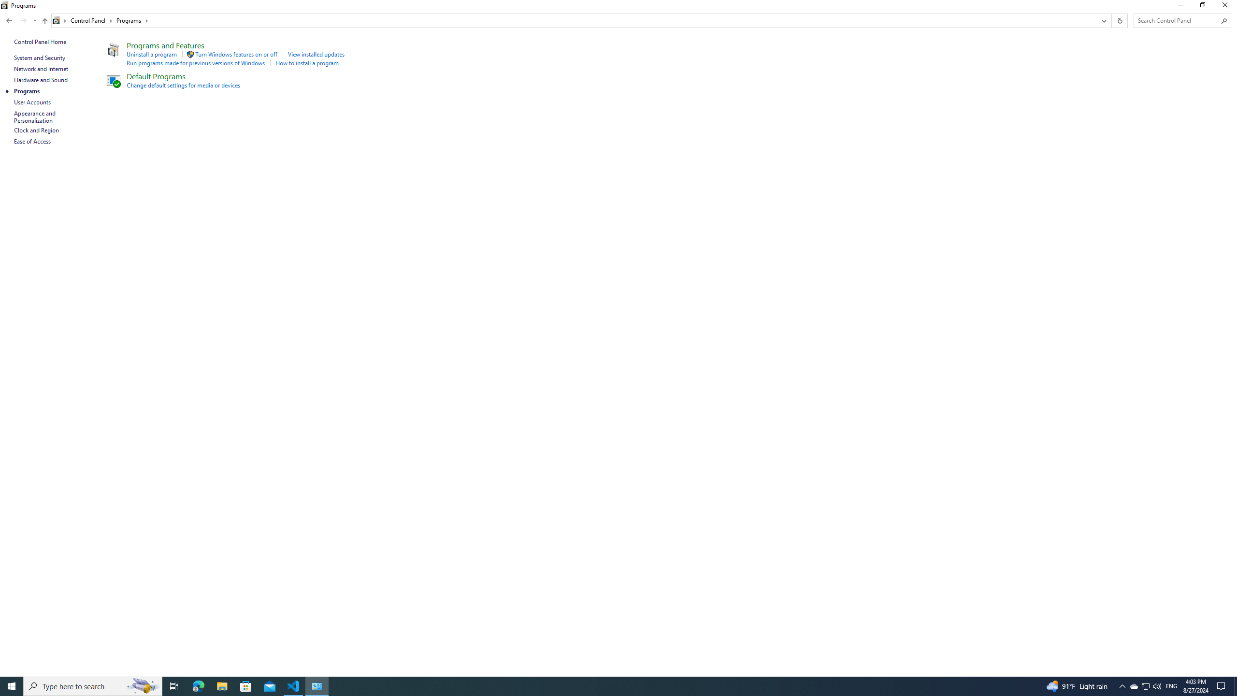  I want to click on 'Turn Windows features on or off', so click(236, 54).